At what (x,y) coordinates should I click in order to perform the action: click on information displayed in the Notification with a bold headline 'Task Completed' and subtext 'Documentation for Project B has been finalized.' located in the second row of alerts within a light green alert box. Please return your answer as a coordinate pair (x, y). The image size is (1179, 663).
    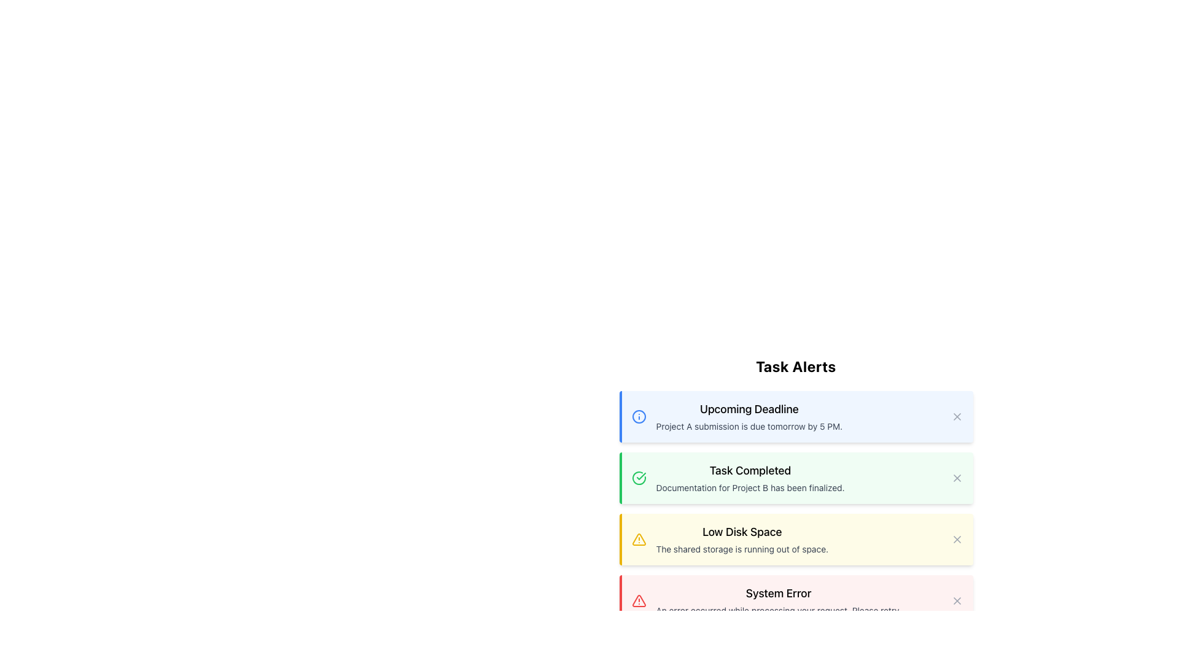
    Looking at the image, I should click on (750, 478).